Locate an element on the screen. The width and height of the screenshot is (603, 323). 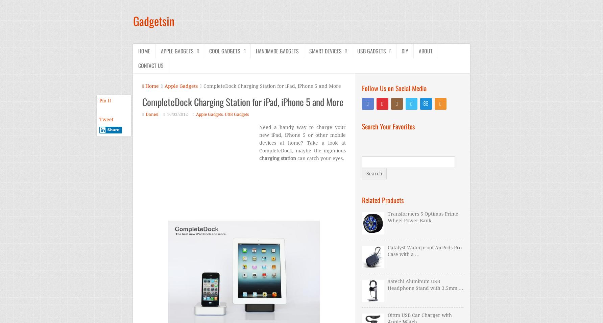
'Tweet' is located at coordinates (106, 119).